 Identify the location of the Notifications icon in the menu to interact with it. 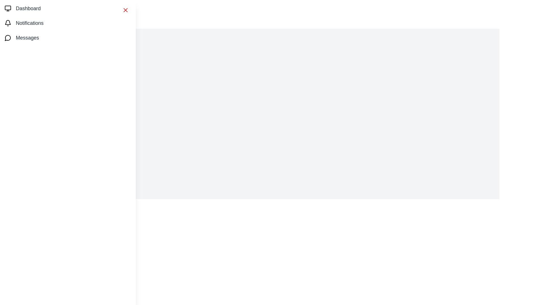
(8, 23).